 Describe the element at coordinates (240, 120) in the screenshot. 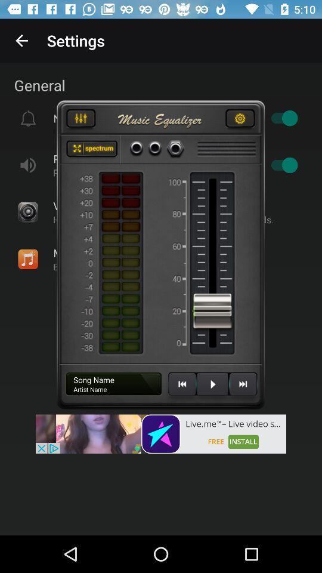

I see `satting` at that location.